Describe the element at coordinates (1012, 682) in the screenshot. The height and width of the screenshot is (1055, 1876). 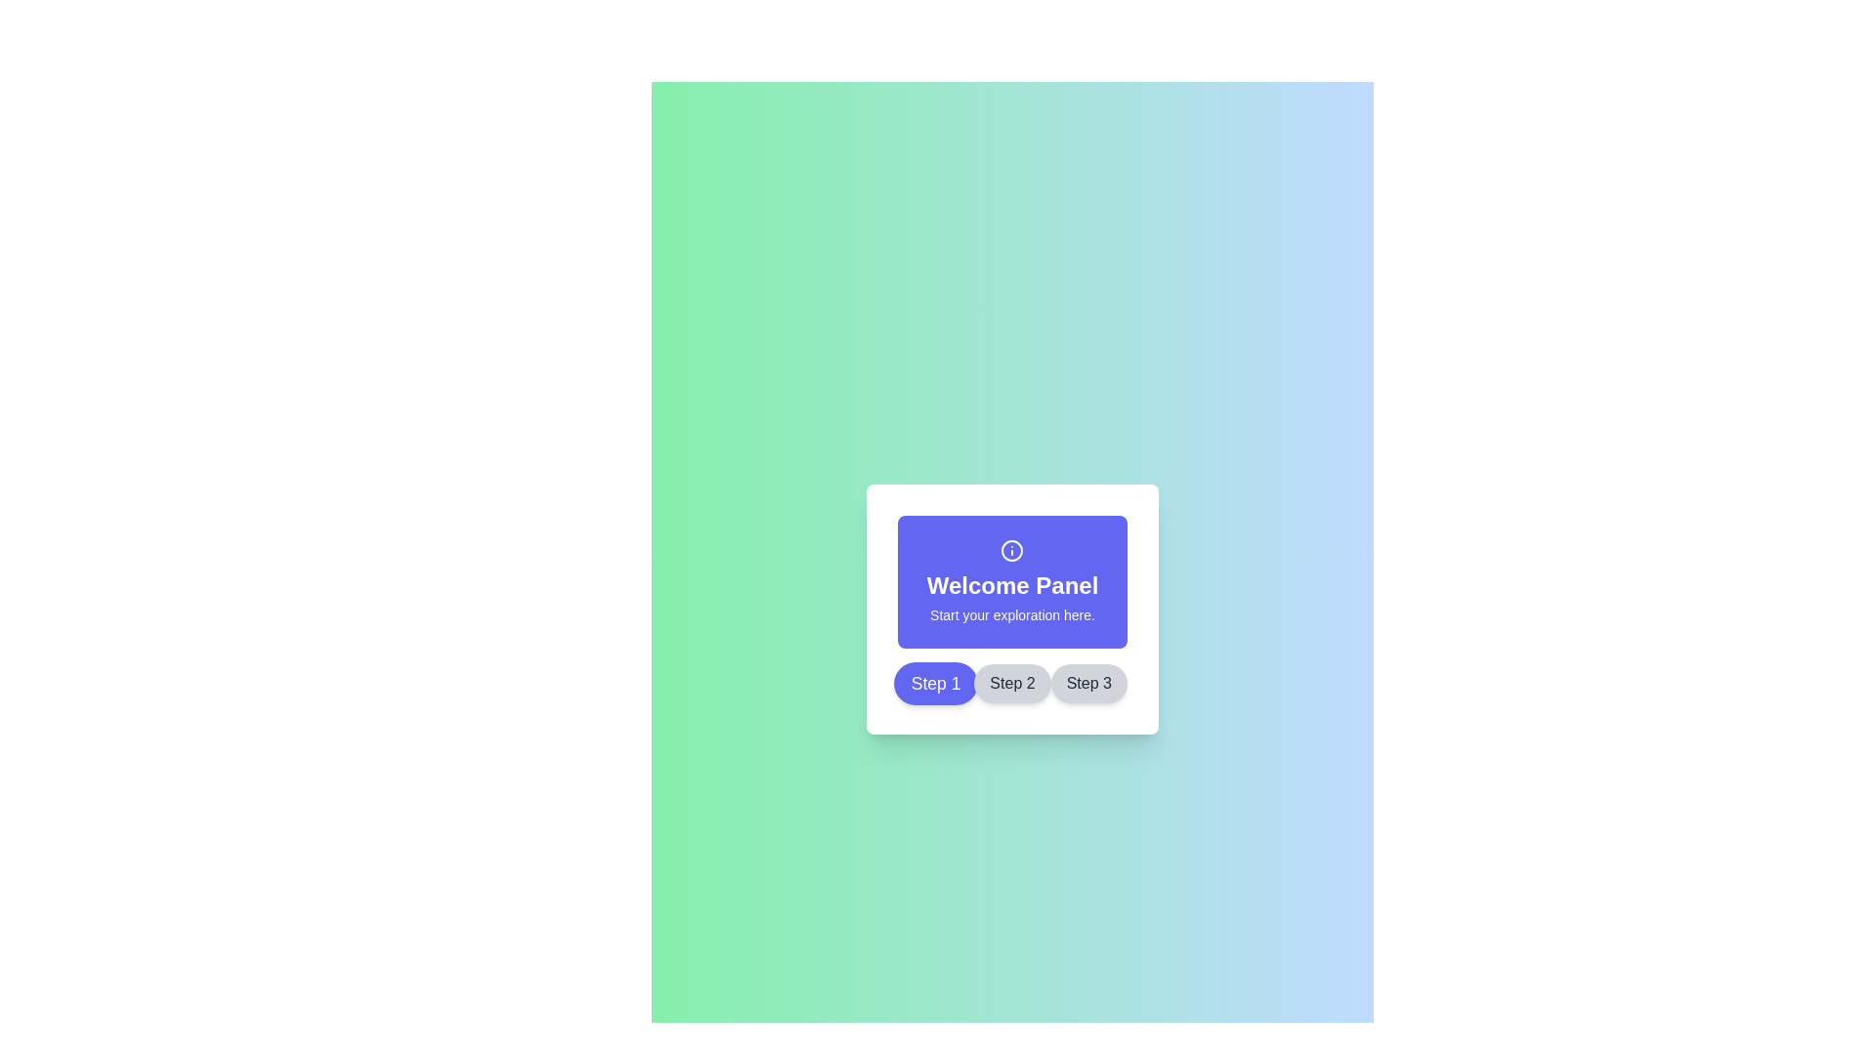
I see `the 'Step 2' button` at that location.